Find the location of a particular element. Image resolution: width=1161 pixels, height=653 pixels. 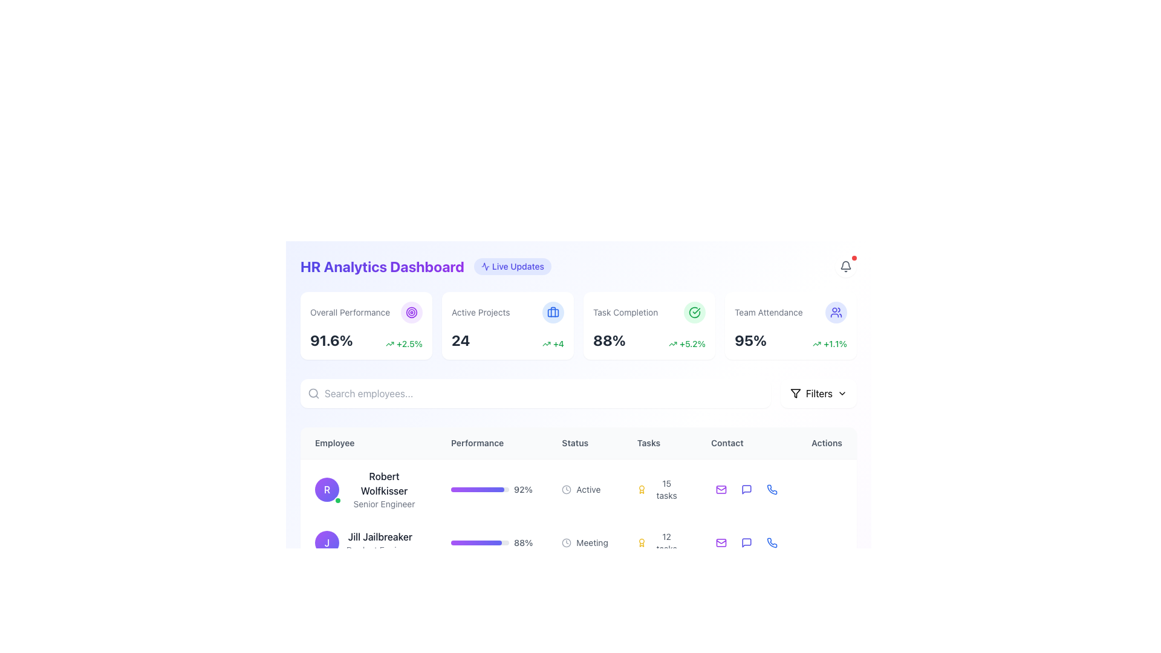

status text from the text label displaying 'Active' styled with a gray font, located in the 'Status' column next to the clock icon for employee 'Robert Wolfkisser' is located at coordinates (588, 490).